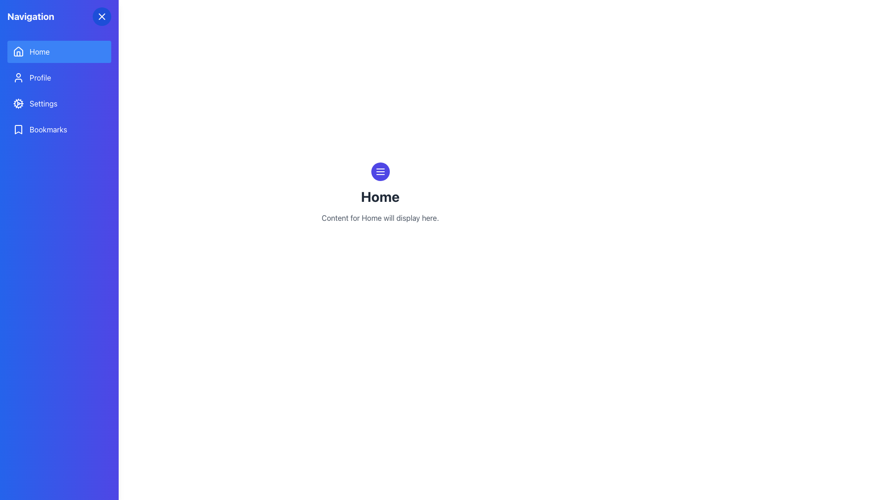 Image resolution: width=890 pixels, height=500 pixels. I want to click on the Header text element labeled 'Home', which is a large, bold heading in dark gray color located in the main content area of the page, so click(380, 196).